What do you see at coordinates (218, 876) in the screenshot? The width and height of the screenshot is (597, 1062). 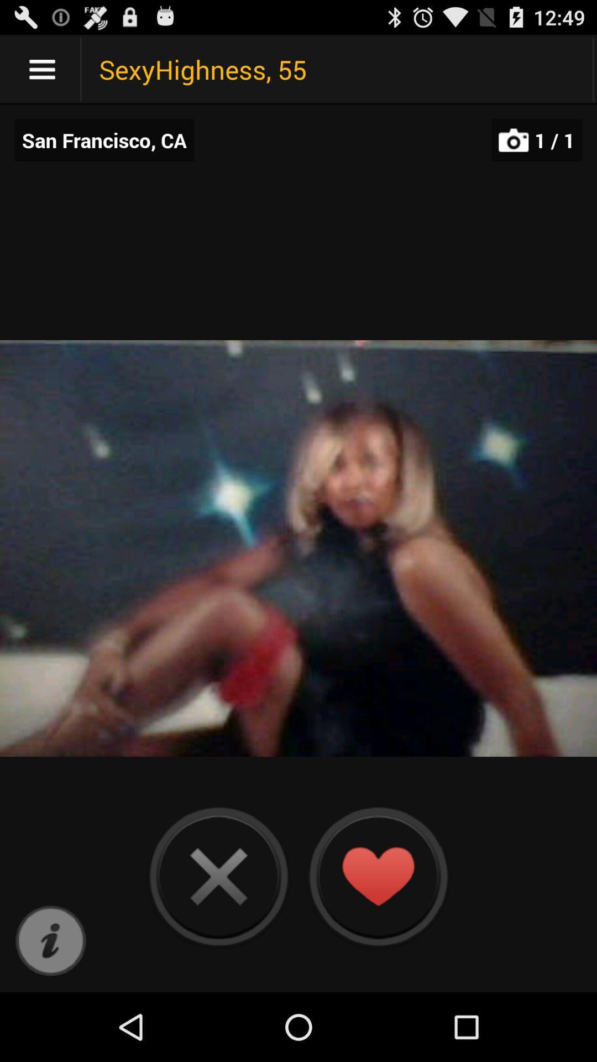 I see `out` at bounding box center [218, 876].